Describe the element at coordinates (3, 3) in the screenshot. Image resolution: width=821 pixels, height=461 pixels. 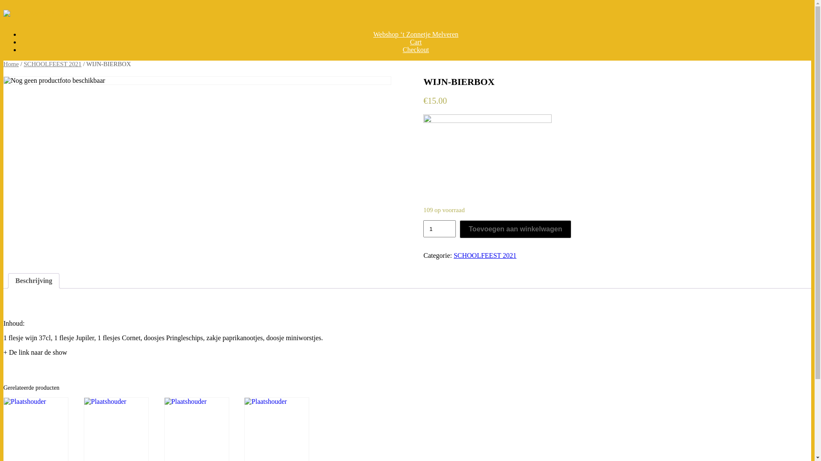
I see `'Spring naar inhoud'` at that location.